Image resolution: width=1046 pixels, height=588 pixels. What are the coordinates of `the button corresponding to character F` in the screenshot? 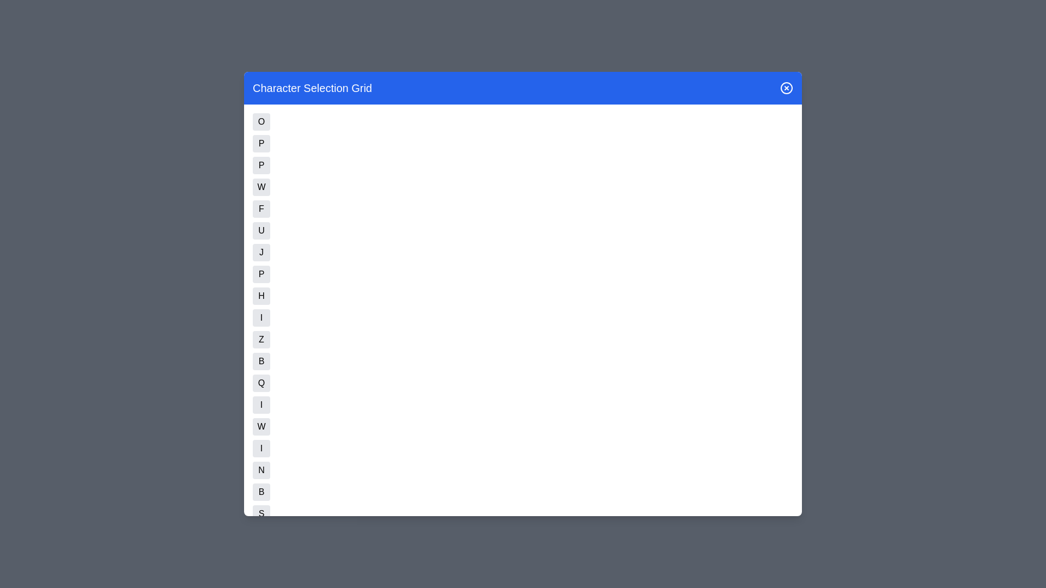 It's located at (261, 209).